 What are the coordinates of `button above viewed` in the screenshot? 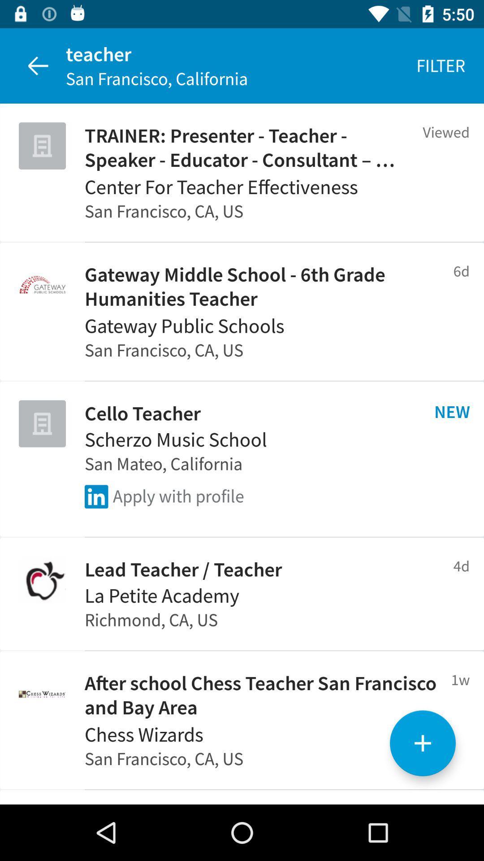 It's located at (440, 65).